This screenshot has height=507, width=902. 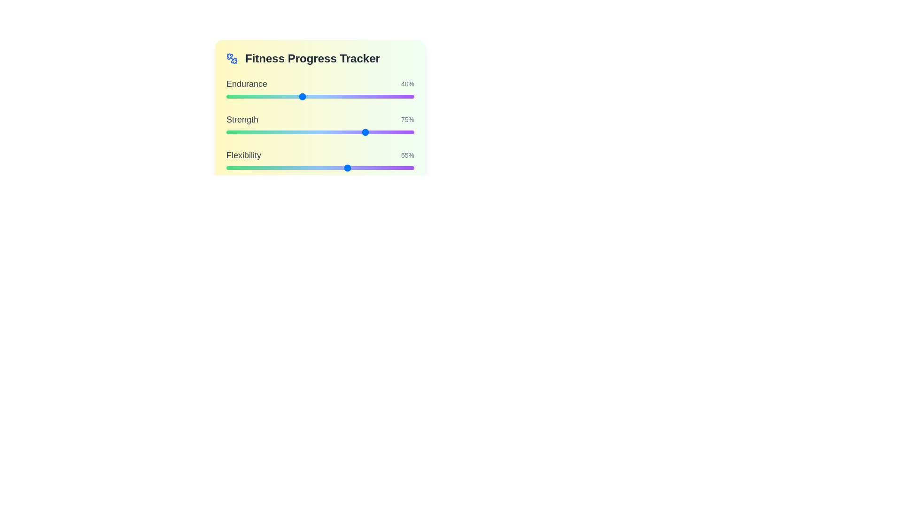 What do you see at coordinates (326, 168) in the screenshot?
I see `flexibility value` at bounding box center [326, 168].